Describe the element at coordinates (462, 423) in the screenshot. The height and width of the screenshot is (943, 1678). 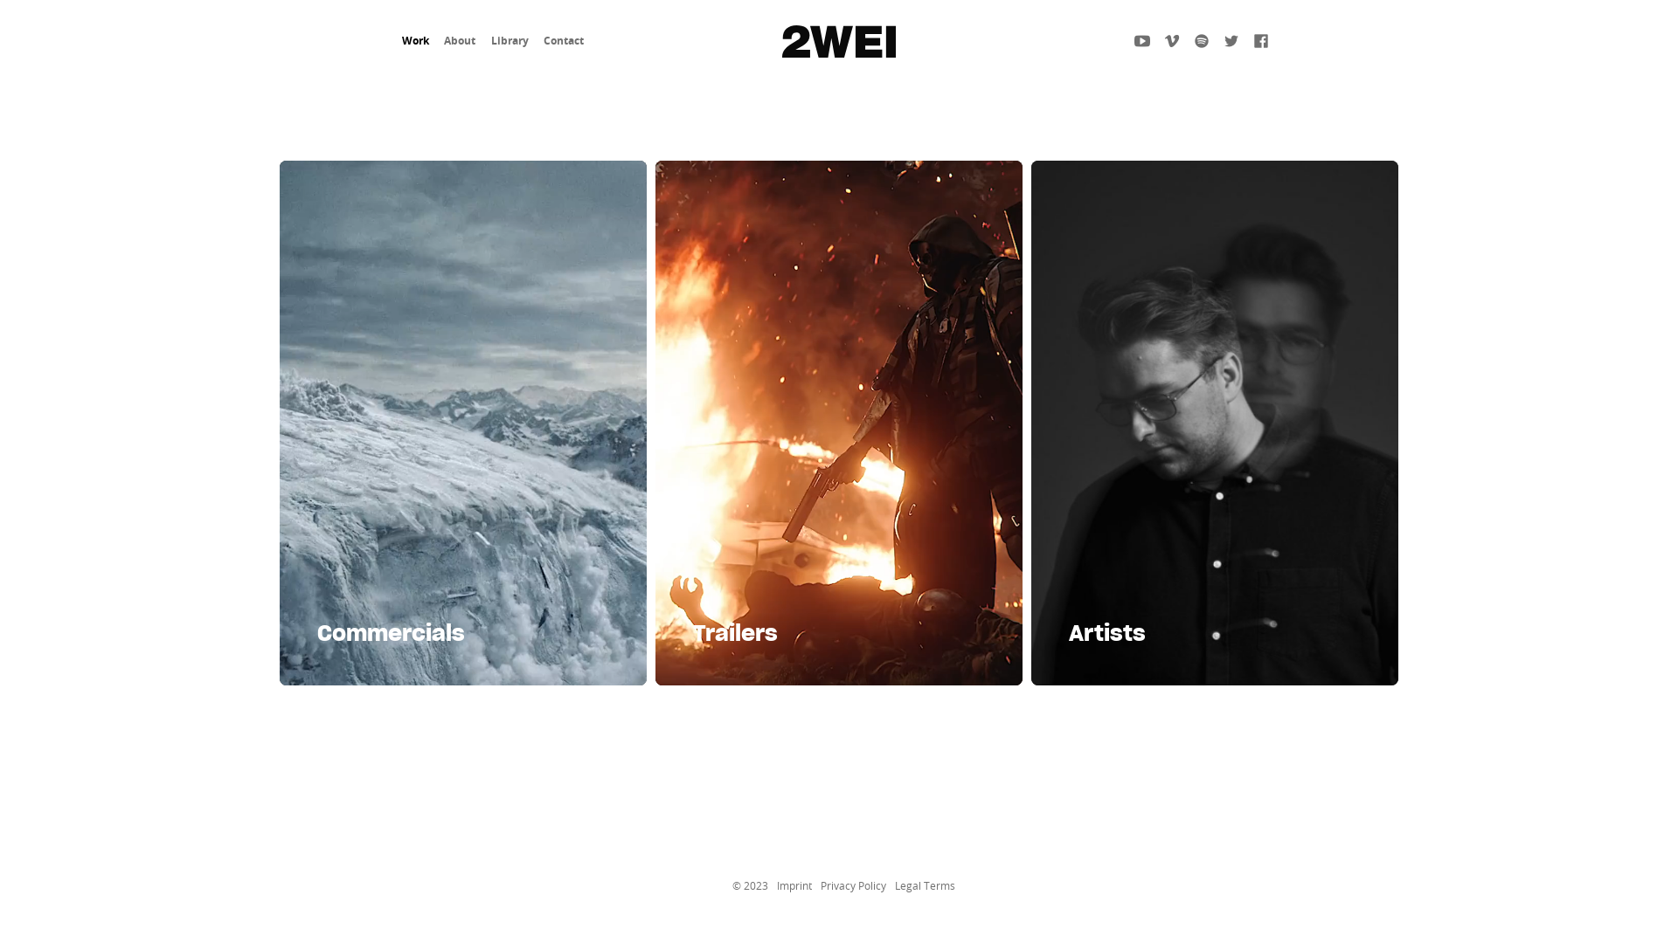
I see `'Commercials'` at that location.